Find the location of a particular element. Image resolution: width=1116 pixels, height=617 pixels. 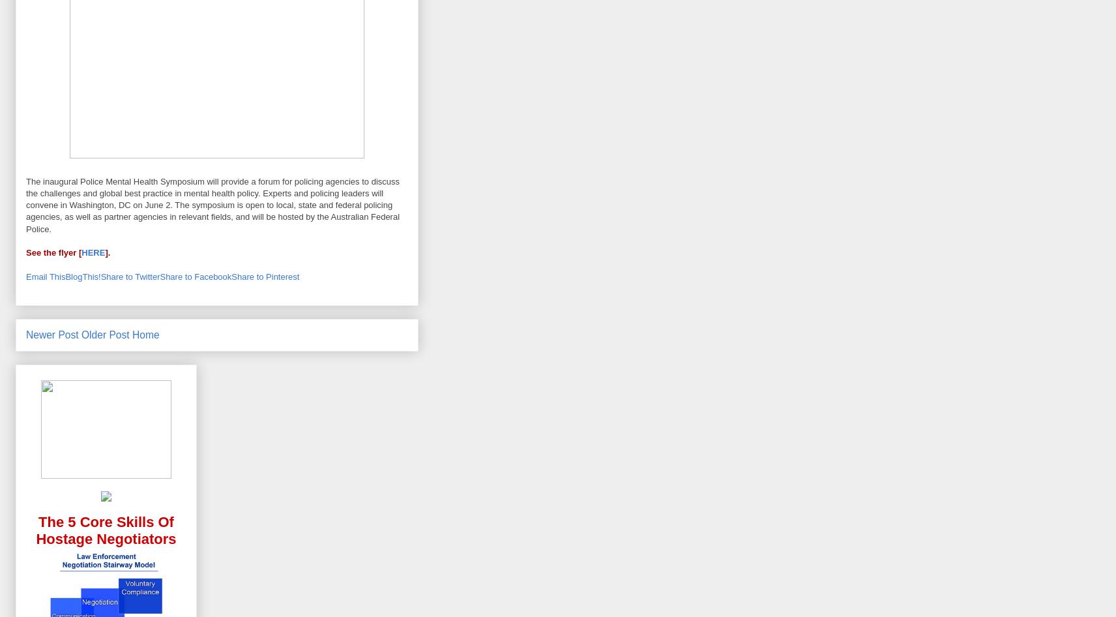

'The 5 Core Skills Of Hostage Negotiators' is located at coordinates (35, 530).